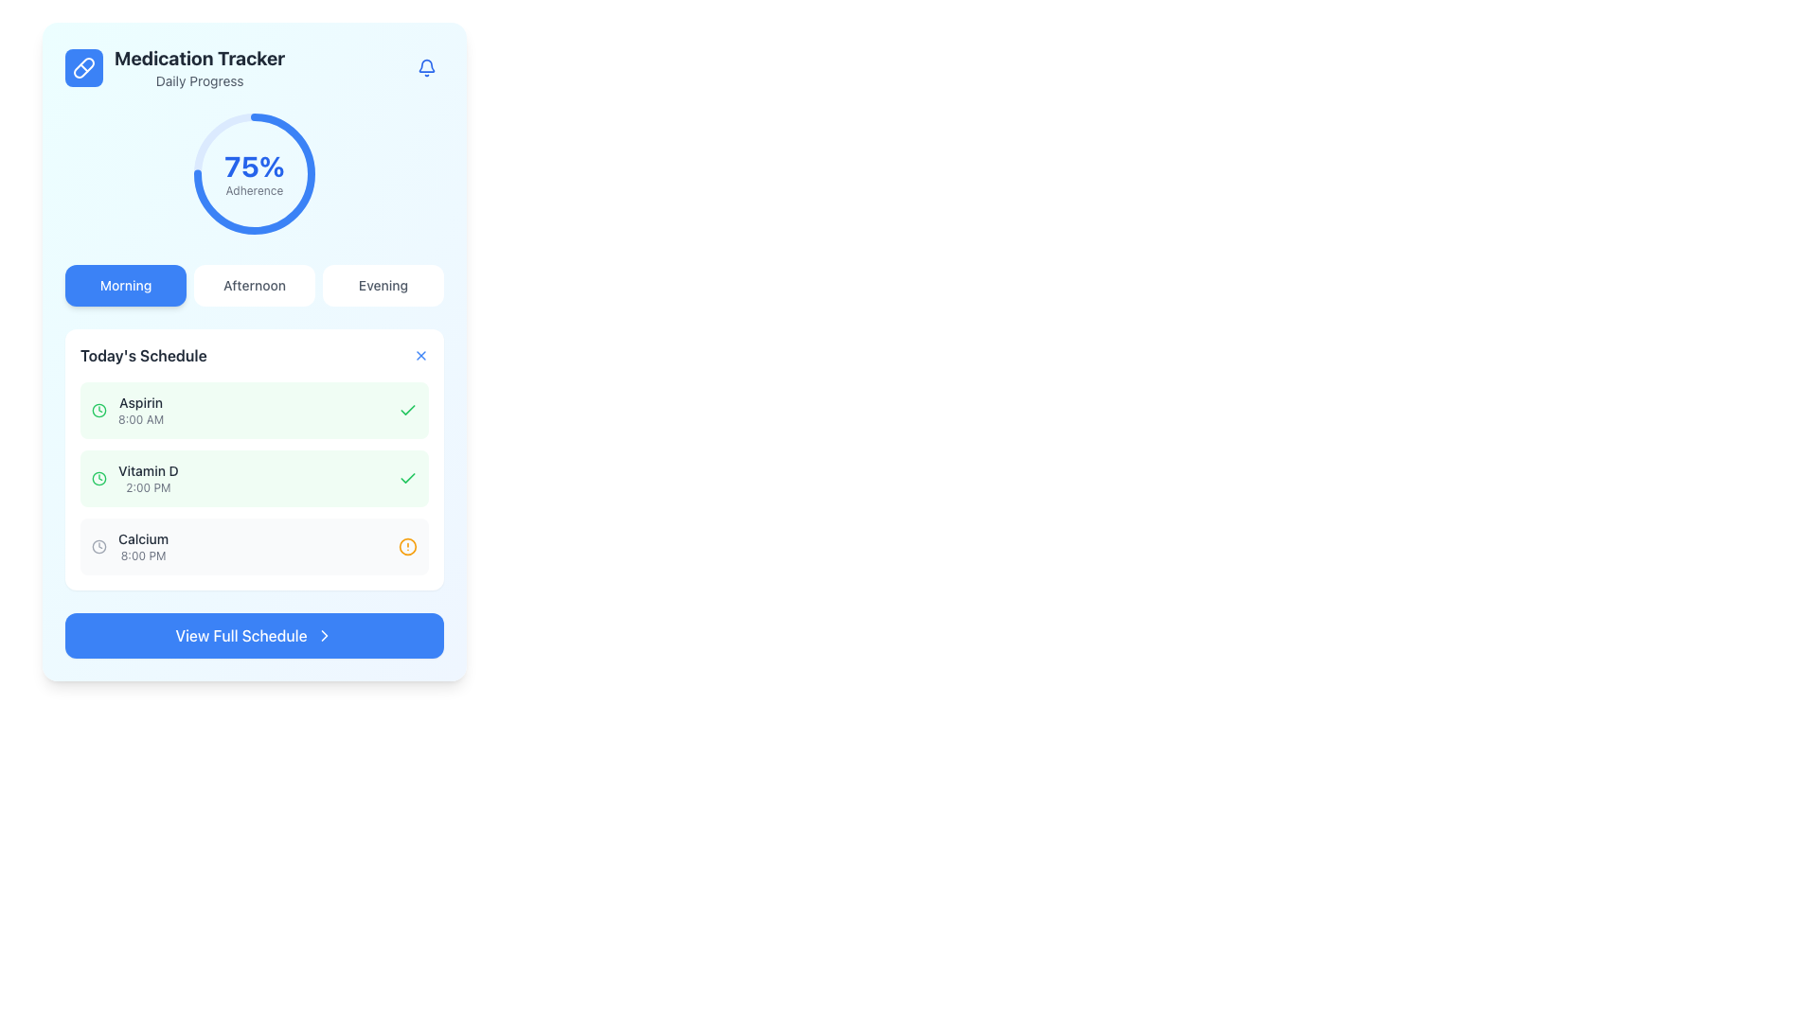  What do you see at coordinates (253, 190) in the screenshot?
I see `the Text label that indicates the adherence percentage below the '75%' value in the Medication Tracker card` at bounding box center [253, 190].